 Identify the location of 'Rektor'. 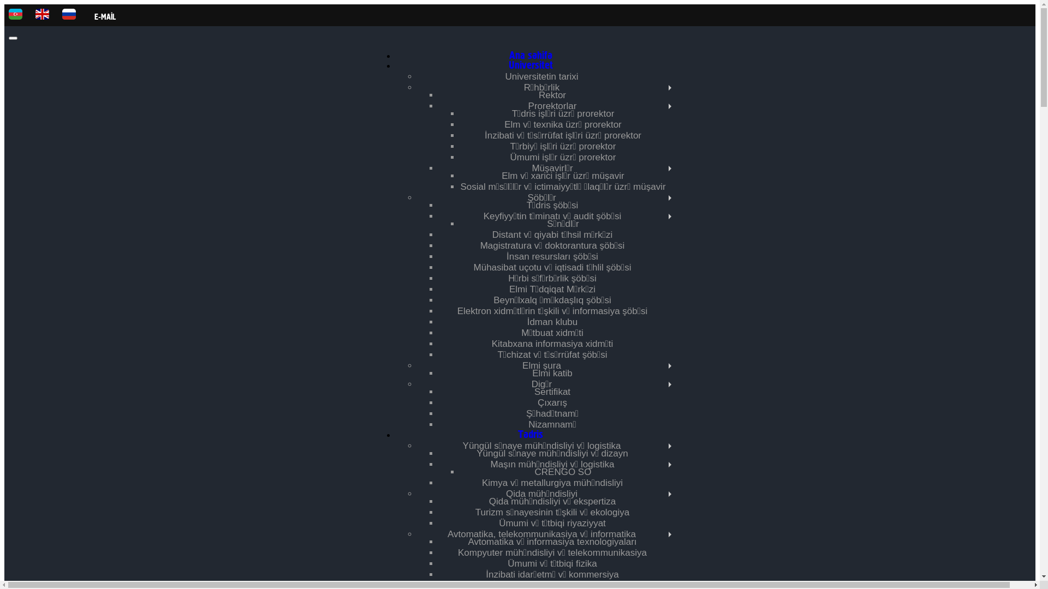
(552, 94).